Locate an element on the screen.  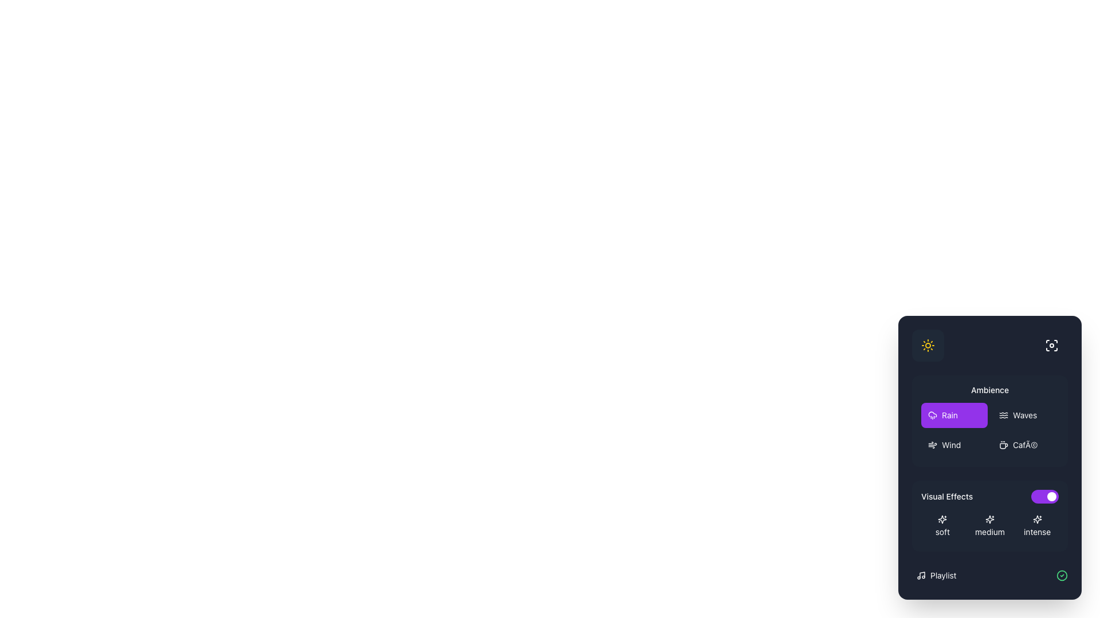
the 'Wind' ambience setting button, which is the third option in a 2x2 grid of the 'Ambience' section, located in the bottom-left segment adjacent to 'Rain' and 'Waves', and directly above 'Café' is located at coordinates (954, 445).